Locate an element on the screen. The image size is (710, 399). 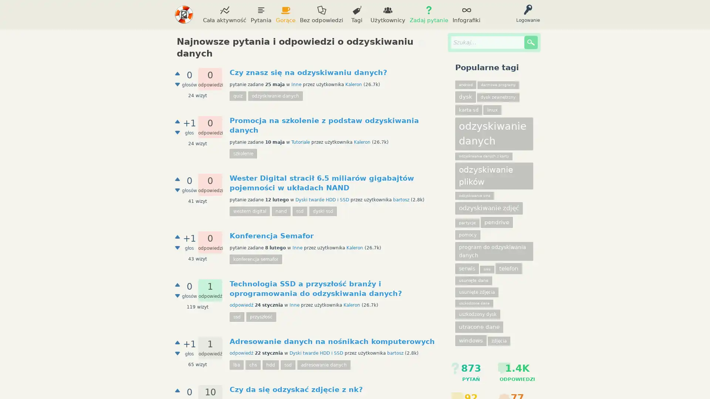
+ is located at coordinates (177, 179).